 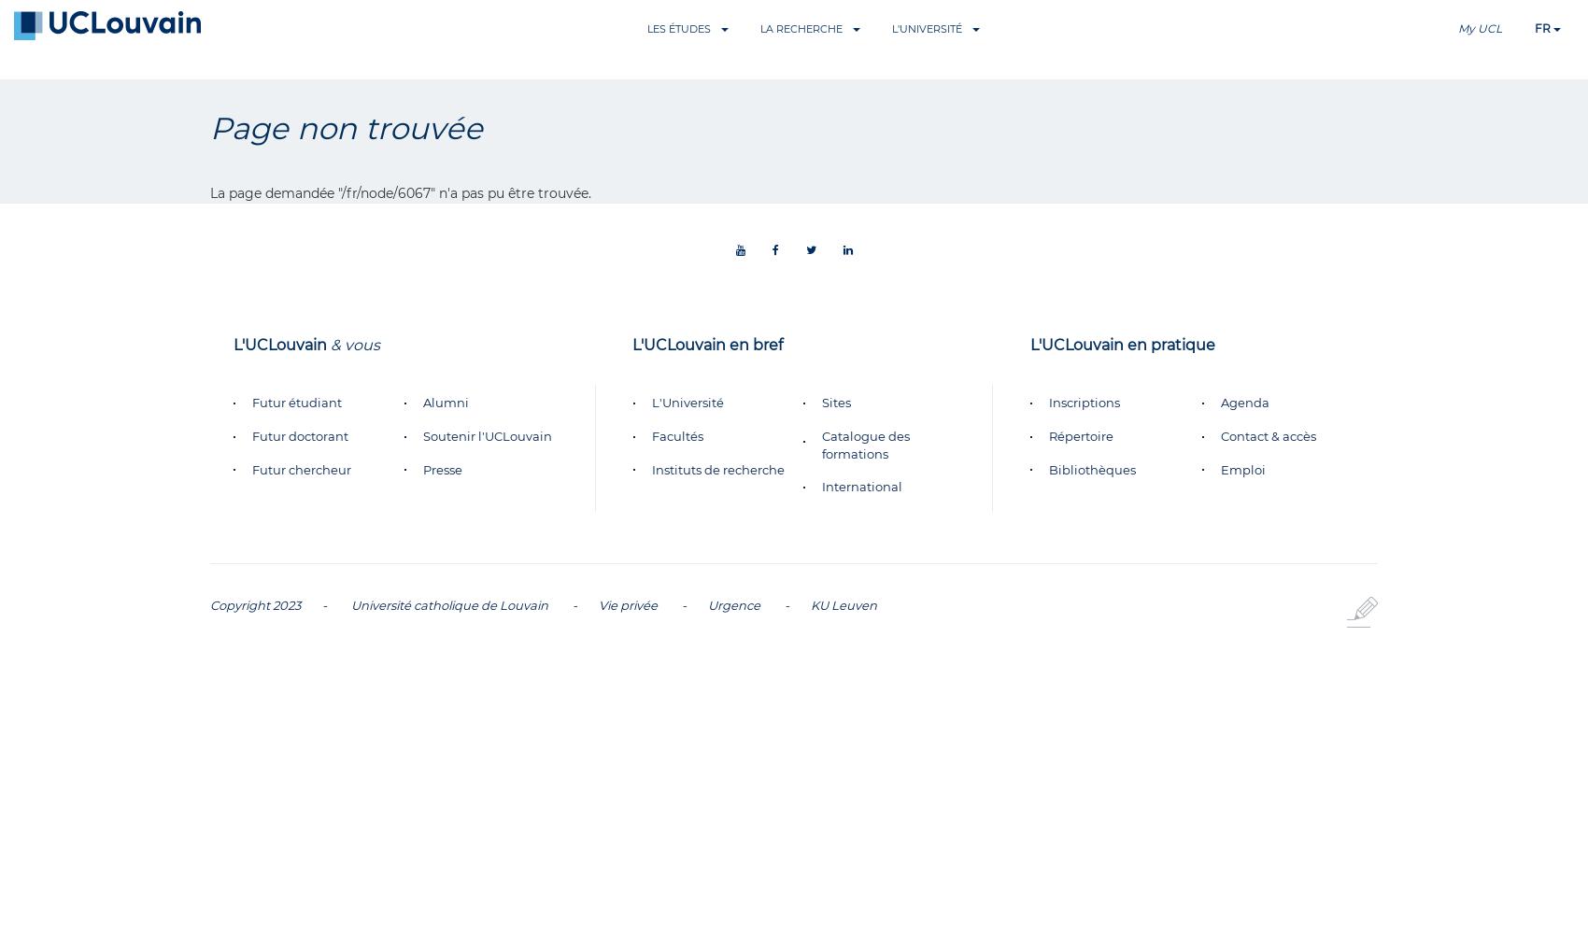 What do you see at coordinates (925, 29) in the screenshot?
I see `'L'université'` at bounding box center [925, 29].